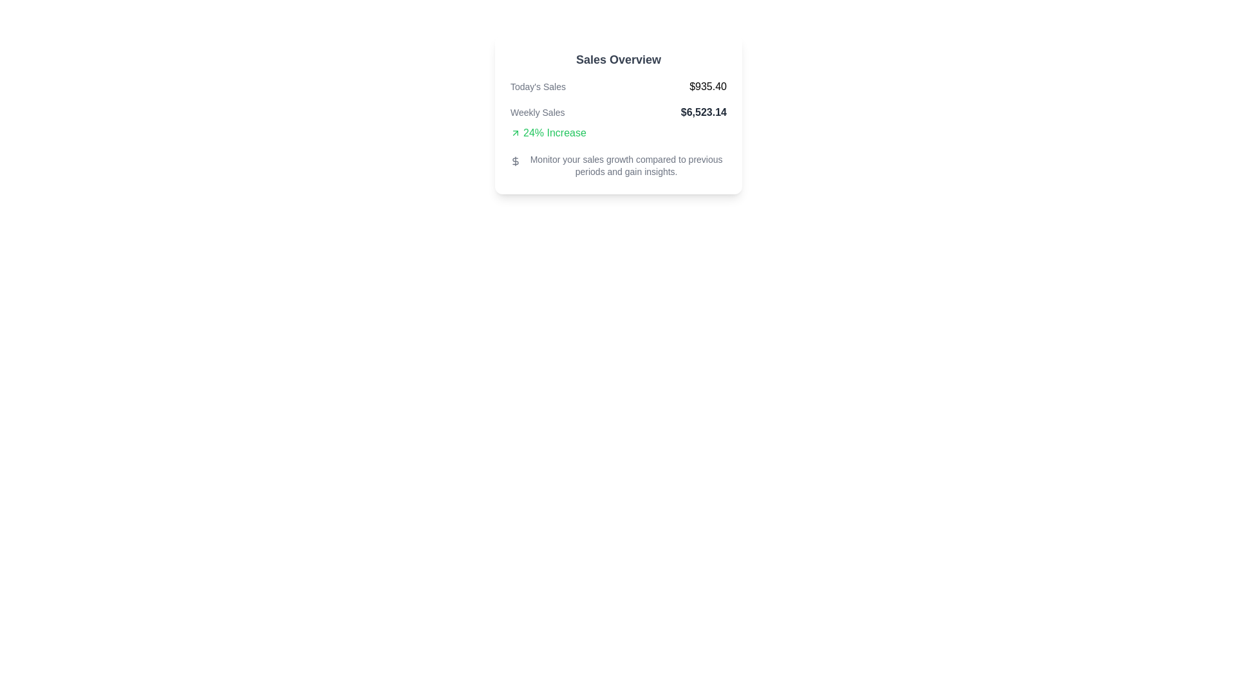  What do you see at coordinates (626, 165) in the screenshot?
I see `the text element that reads 'Monitor your sales growth compared to previous periods and gain insights.' located within the 'Sales Overview' card interface` at bounding box center [626, 165].